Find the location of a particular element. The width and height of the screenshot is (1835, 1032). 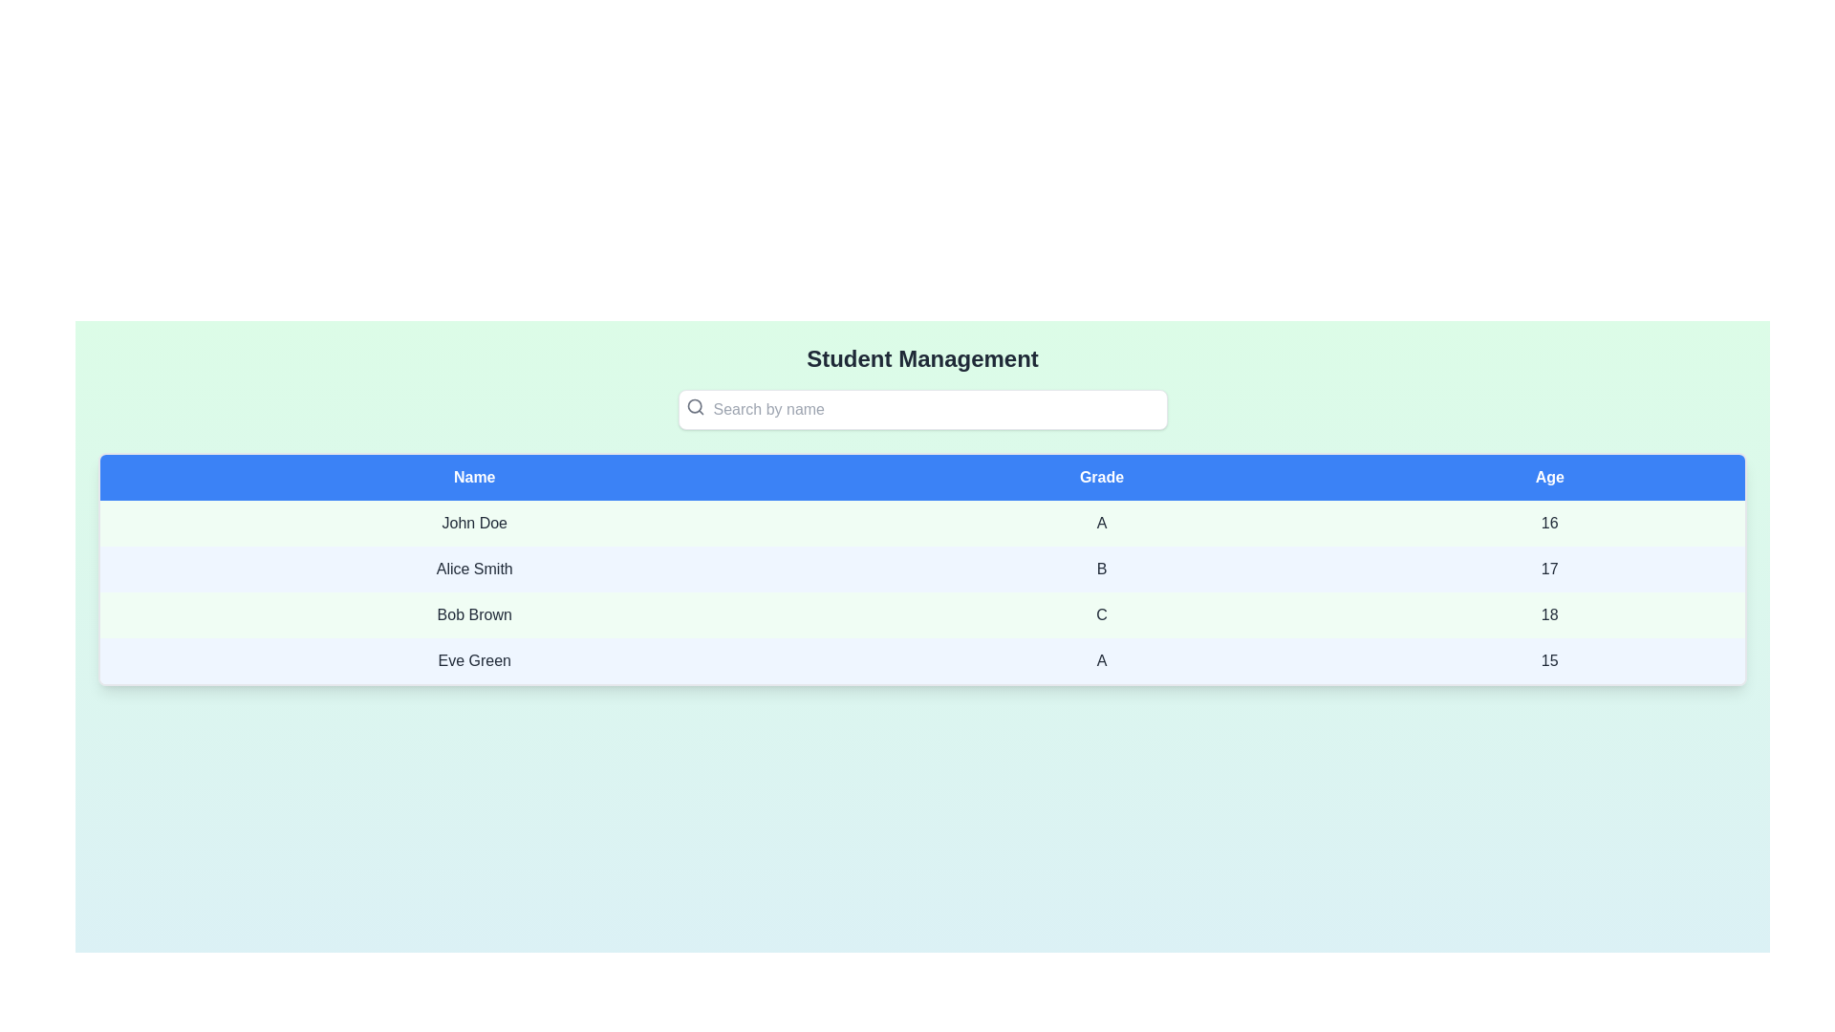

the 'Grade' value for the student 'John Doe' located in the second row of the table under the 'Grade' column is located at coordinates (1101, 523).